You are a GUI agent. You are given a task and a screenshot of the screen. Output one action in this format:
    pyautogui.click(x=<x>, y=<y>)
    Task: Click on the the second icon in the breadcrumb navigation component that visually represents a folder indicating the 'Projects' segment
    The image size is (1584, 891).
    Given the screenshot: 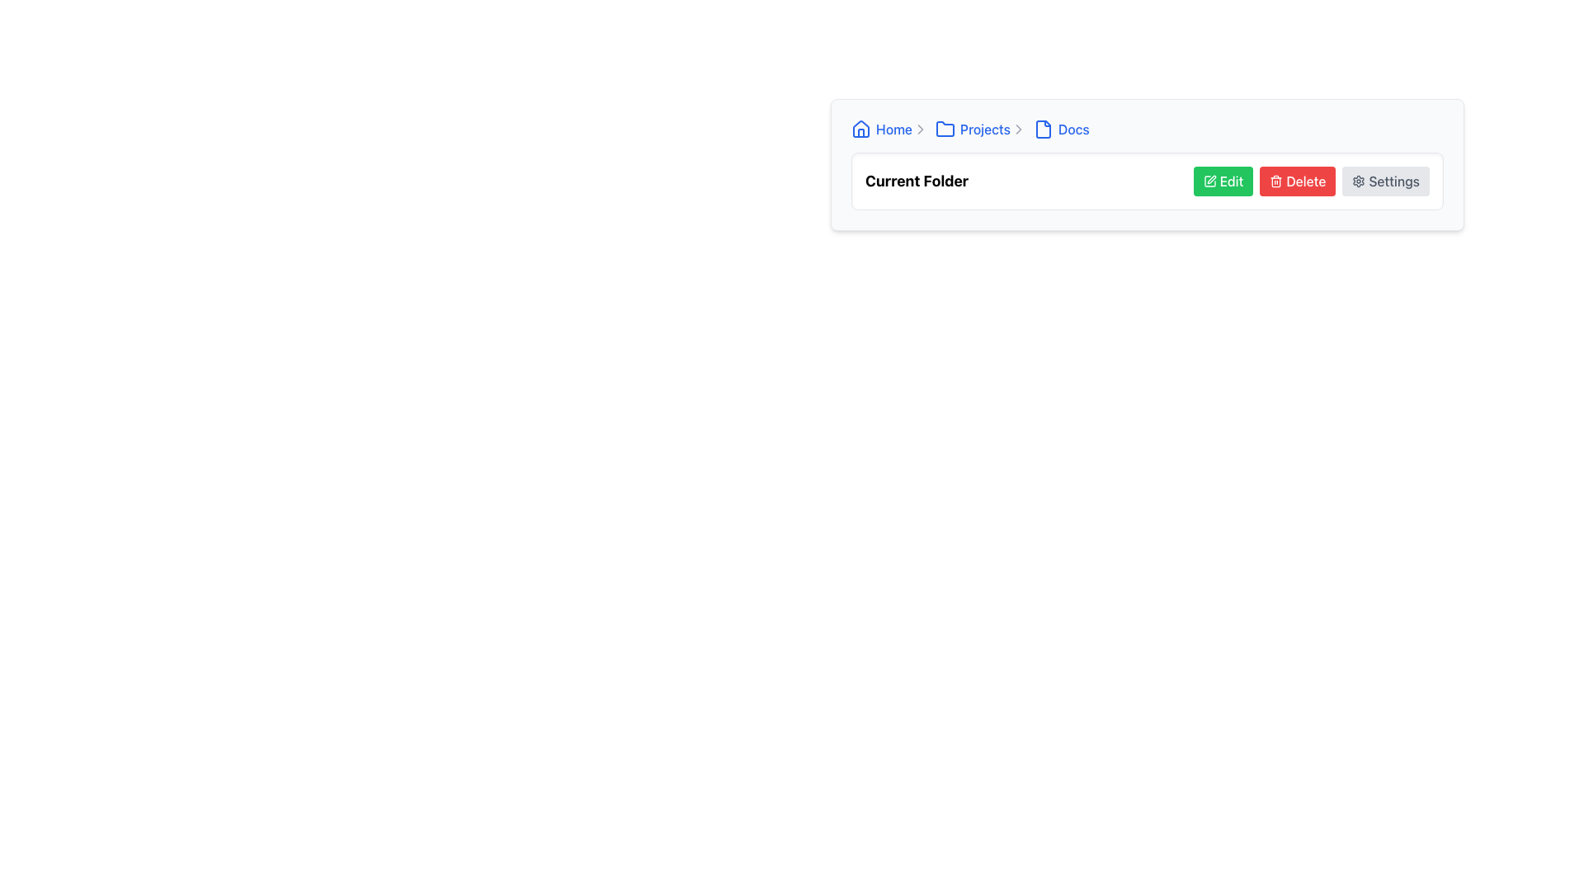 What is the action you would take?
    pyautogui.click(x=945, y=128)
    